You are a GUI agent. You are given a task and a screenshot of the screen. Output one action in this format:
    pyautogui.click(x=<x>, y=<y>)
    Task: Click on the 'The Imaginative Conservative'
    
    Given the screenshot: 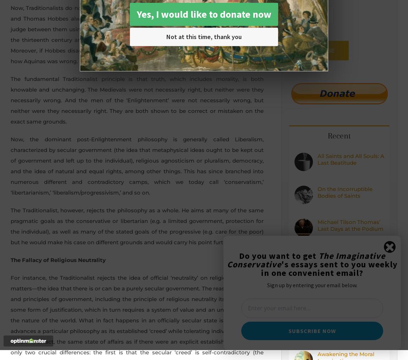 What is the action you would take?
    pyautogui.click(x=305, y=260)
    